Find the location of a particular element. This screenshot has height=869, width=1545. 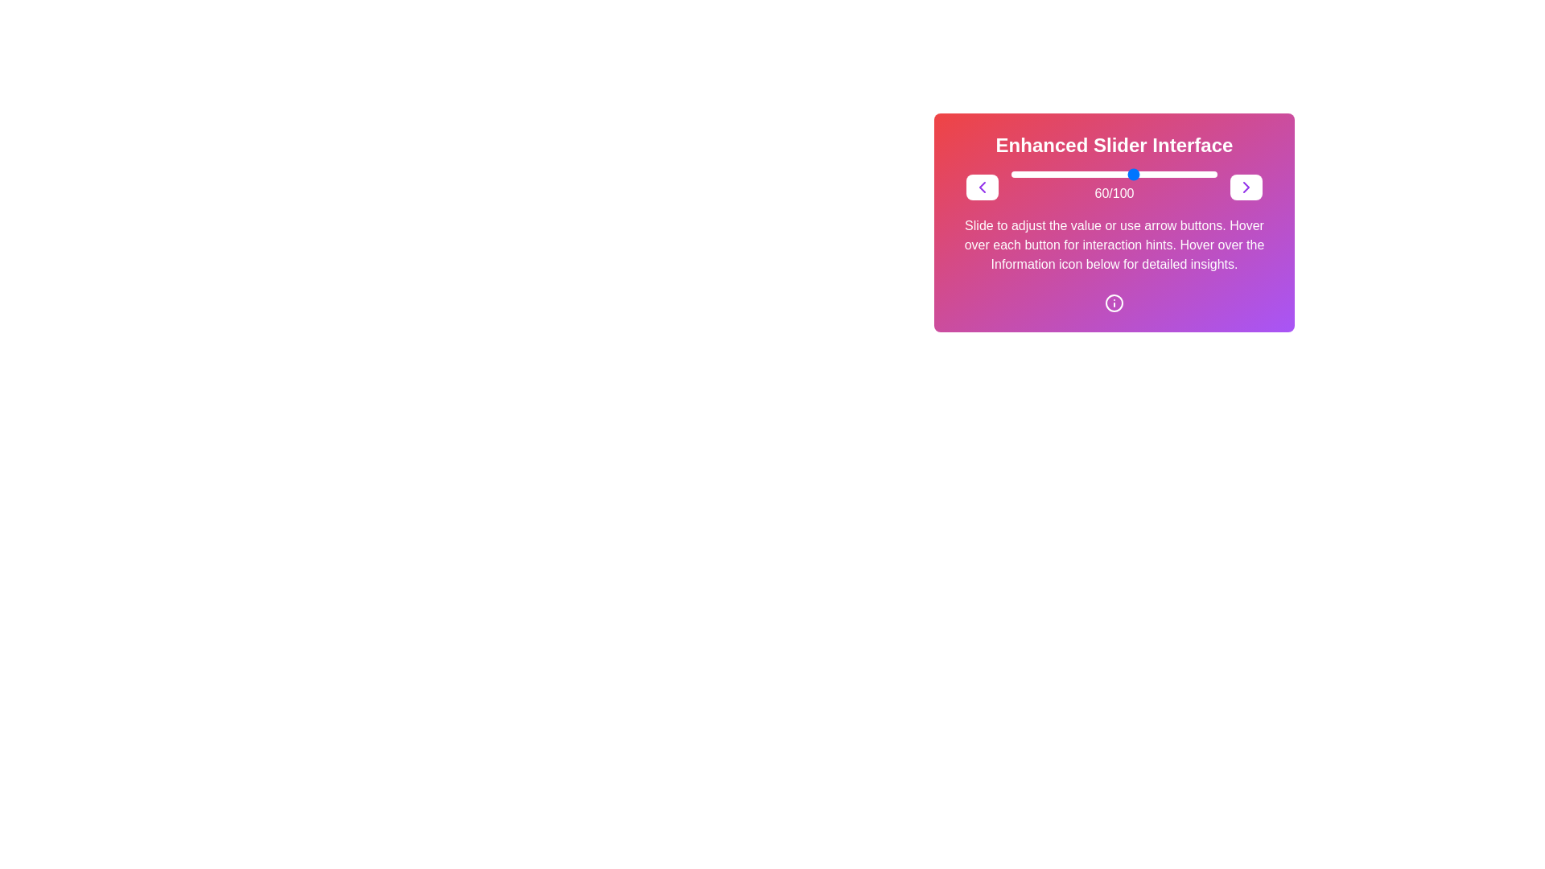

the slider is located at coordinates (1081, 174).